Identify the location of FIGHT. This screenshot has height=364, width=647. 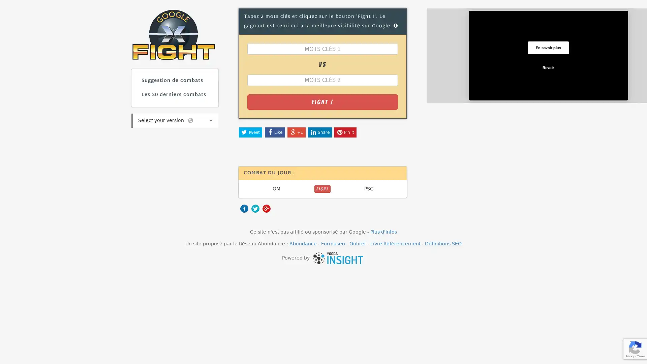
(322, 188).